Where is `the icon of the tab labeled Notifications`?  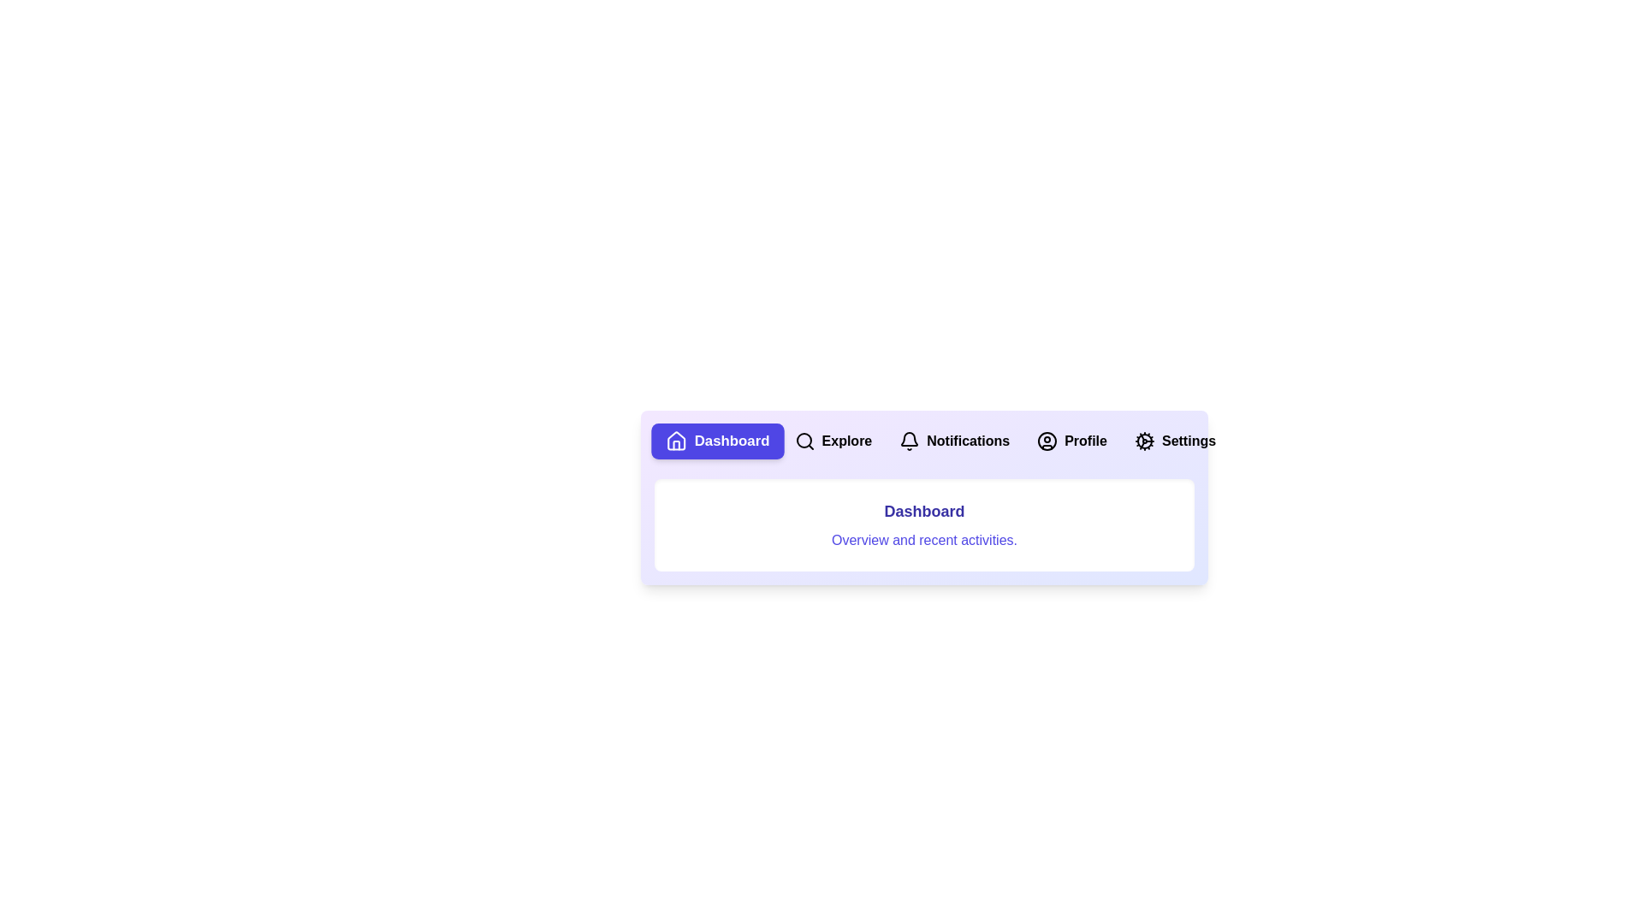
the icon of the tab labeled Notifications is located at coordinates (908, 441).